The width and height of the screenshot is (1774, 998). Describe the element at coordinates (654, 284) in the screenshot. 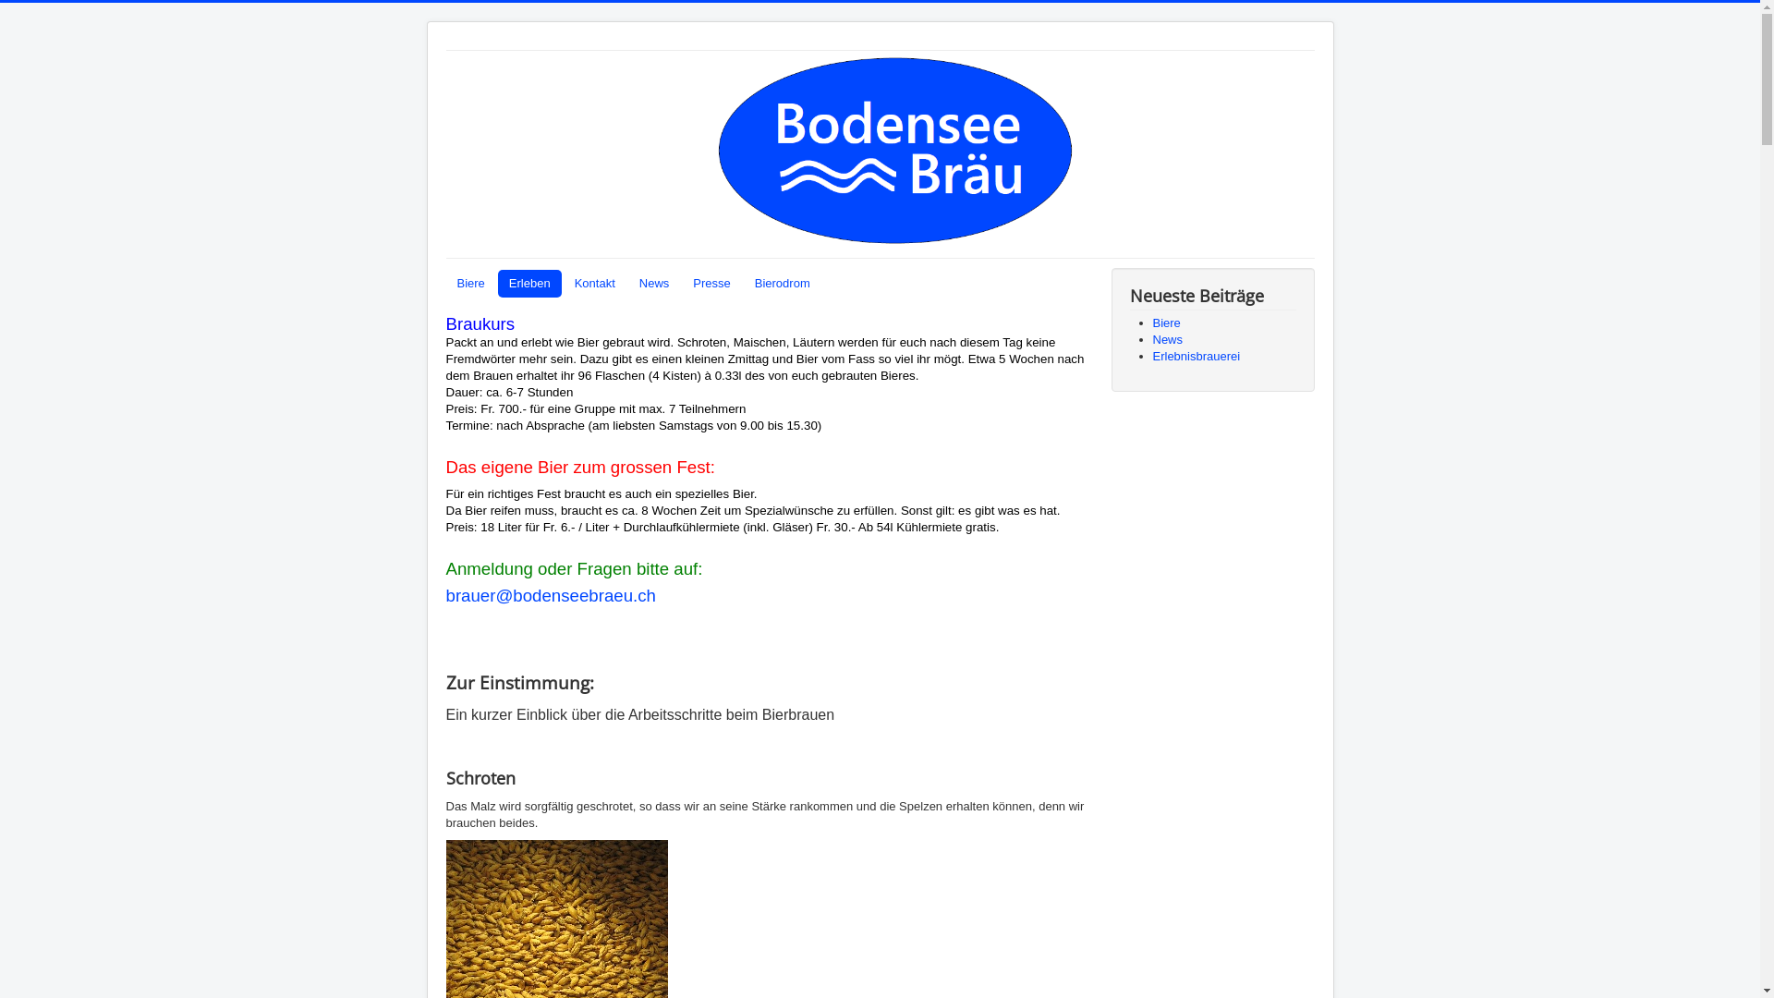

I see `'News'` at that location.